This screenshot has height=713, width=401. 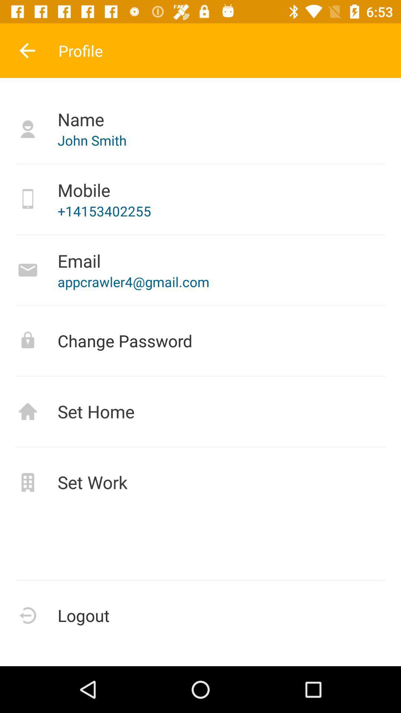 What do you see at coordinates (27, 50) in the screenshot?
I see `the item to the left of the profile app` at bounding box center [27, 50].